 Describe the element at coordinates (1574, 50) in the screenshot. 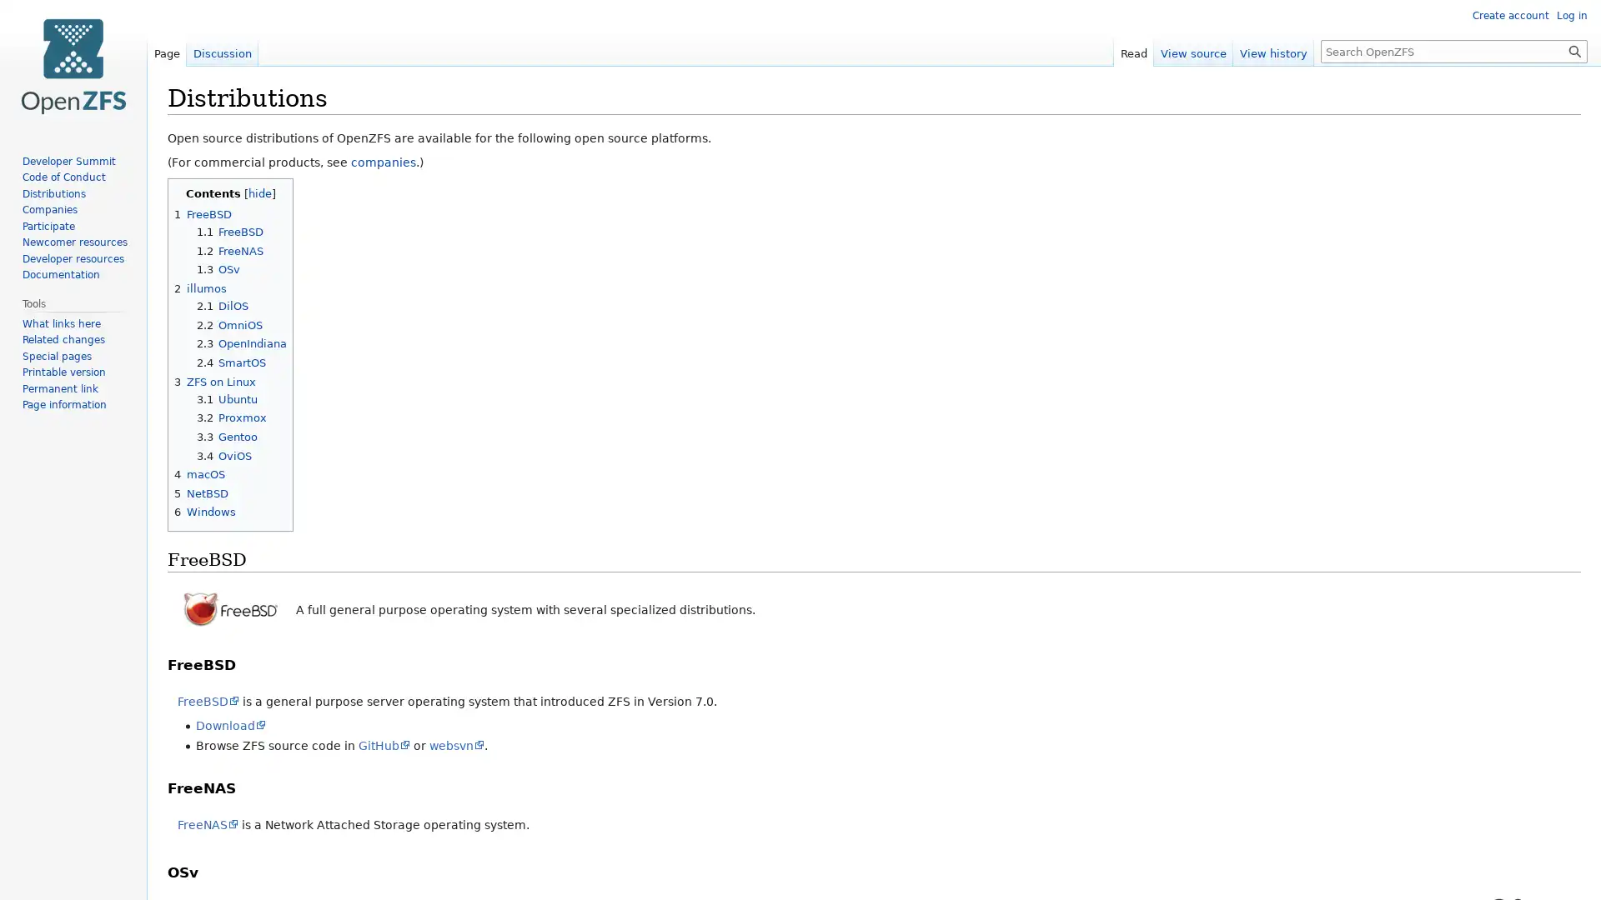

I see `Go` at that location.